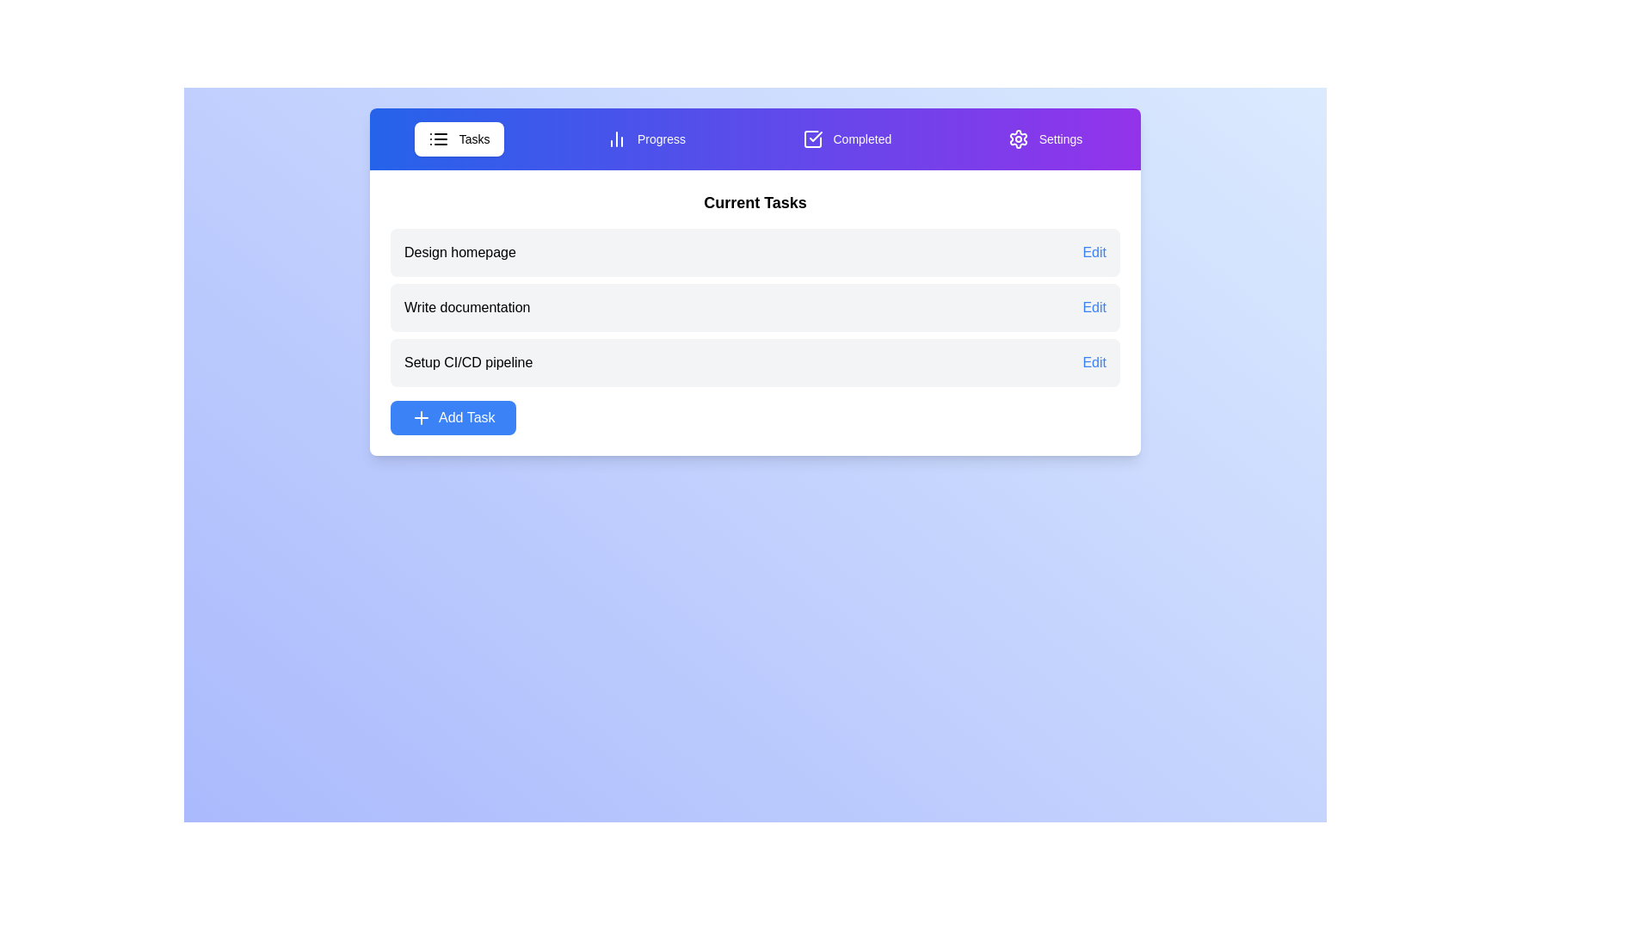 This screenshot has height=929, width=1652. Describe the element at coordinates (459, 138) in the screenshot. I see `the leftmost navigation button in the top navigation bar` at that location.